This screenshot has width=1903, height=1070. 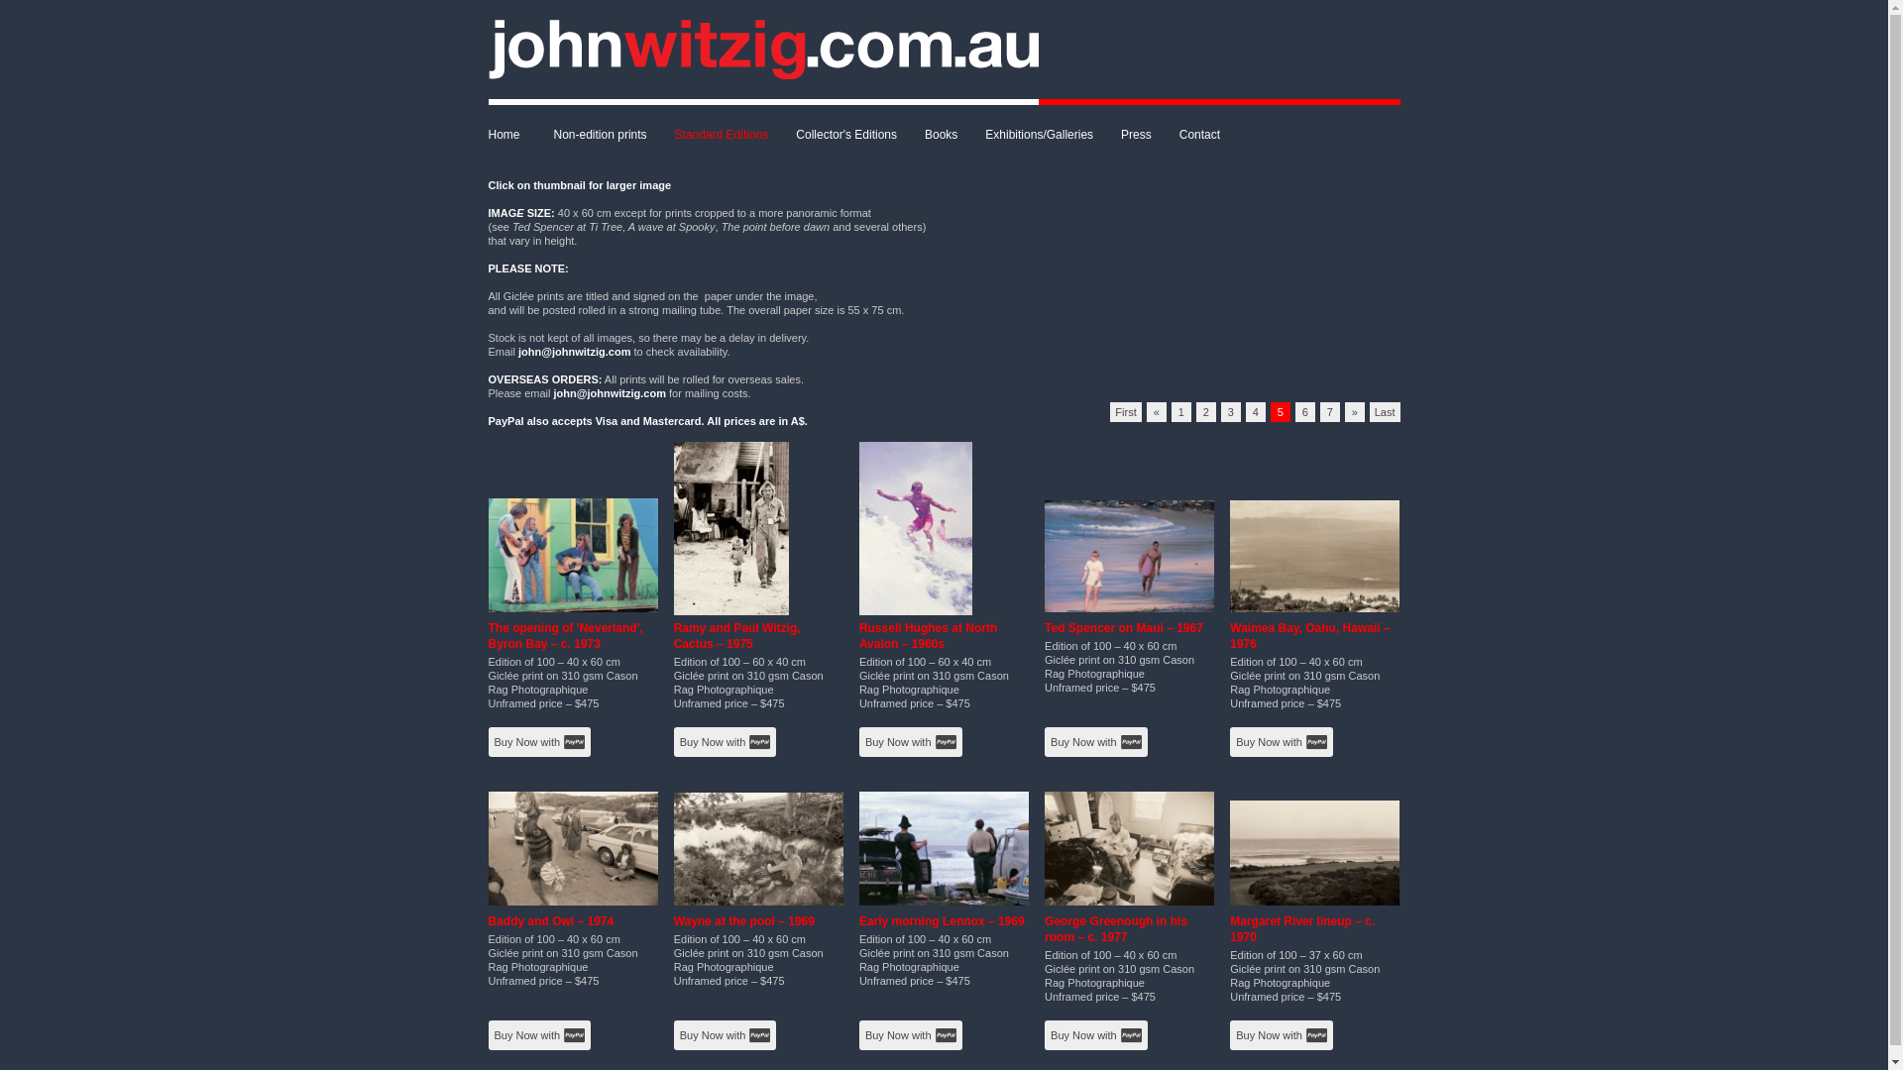 What do you see at coordinates (1230, 411) in the screenshot?
I see `'3'` at bounding box center [1230, 411].